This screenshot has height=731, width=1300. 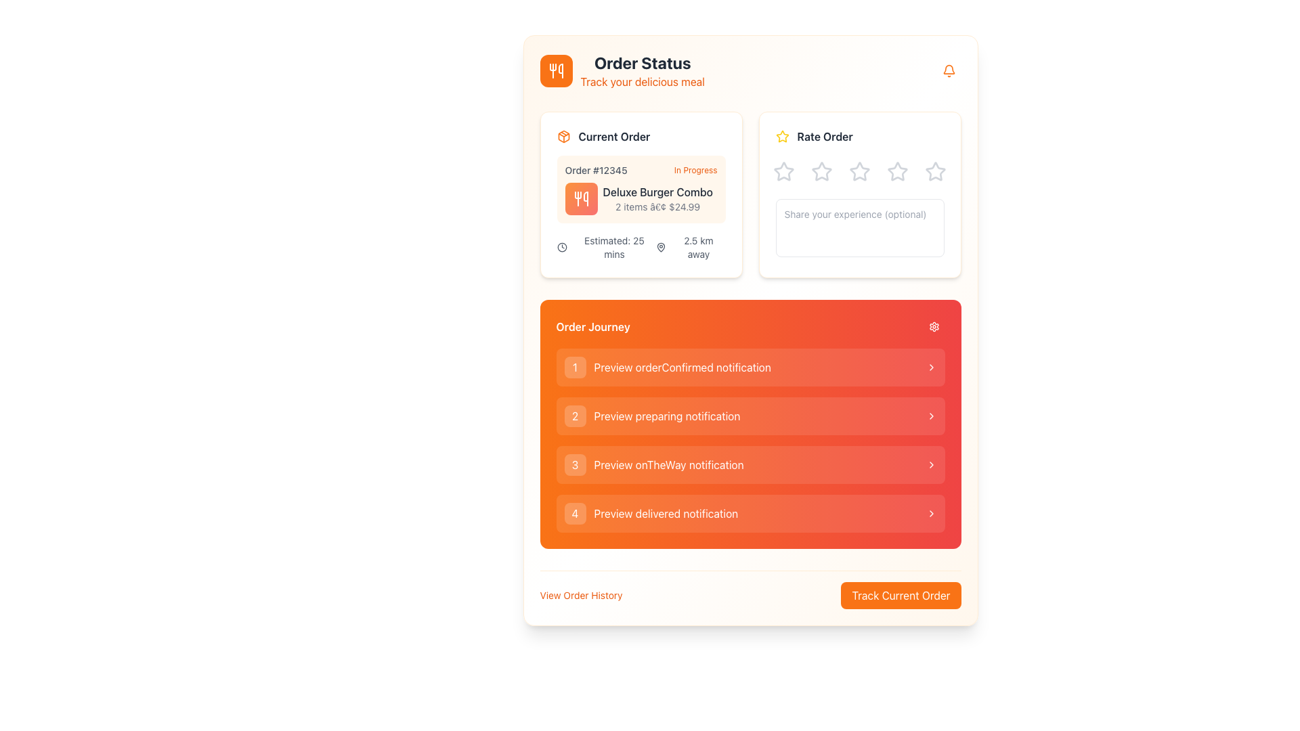 I want to click on the light gray, hollow star-shaped rating icon located at the far right of the row, so click(x=934, y=171).